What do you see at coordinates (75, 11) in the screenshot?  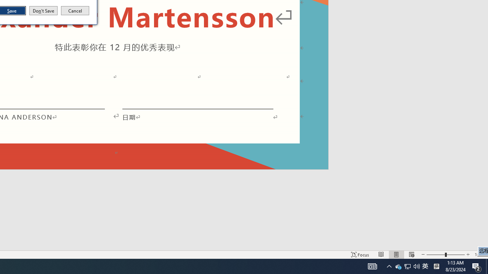 I see `'Cancel'` at bounding box center [75, 11].